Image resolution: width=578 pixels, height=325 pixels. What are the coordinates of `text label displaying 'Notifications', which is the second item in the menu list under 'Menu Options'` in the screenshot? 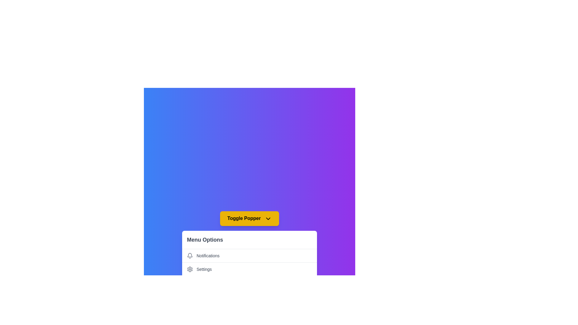 It's located at (208, 255).